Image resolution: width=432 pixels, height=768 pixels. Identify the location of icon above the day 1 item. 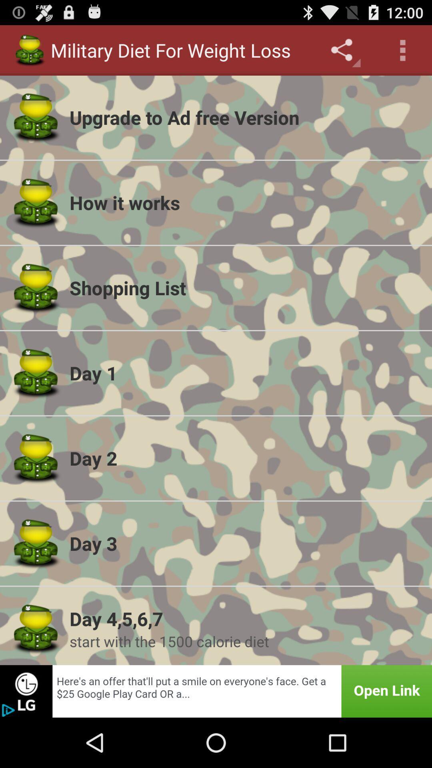
(245, 288).